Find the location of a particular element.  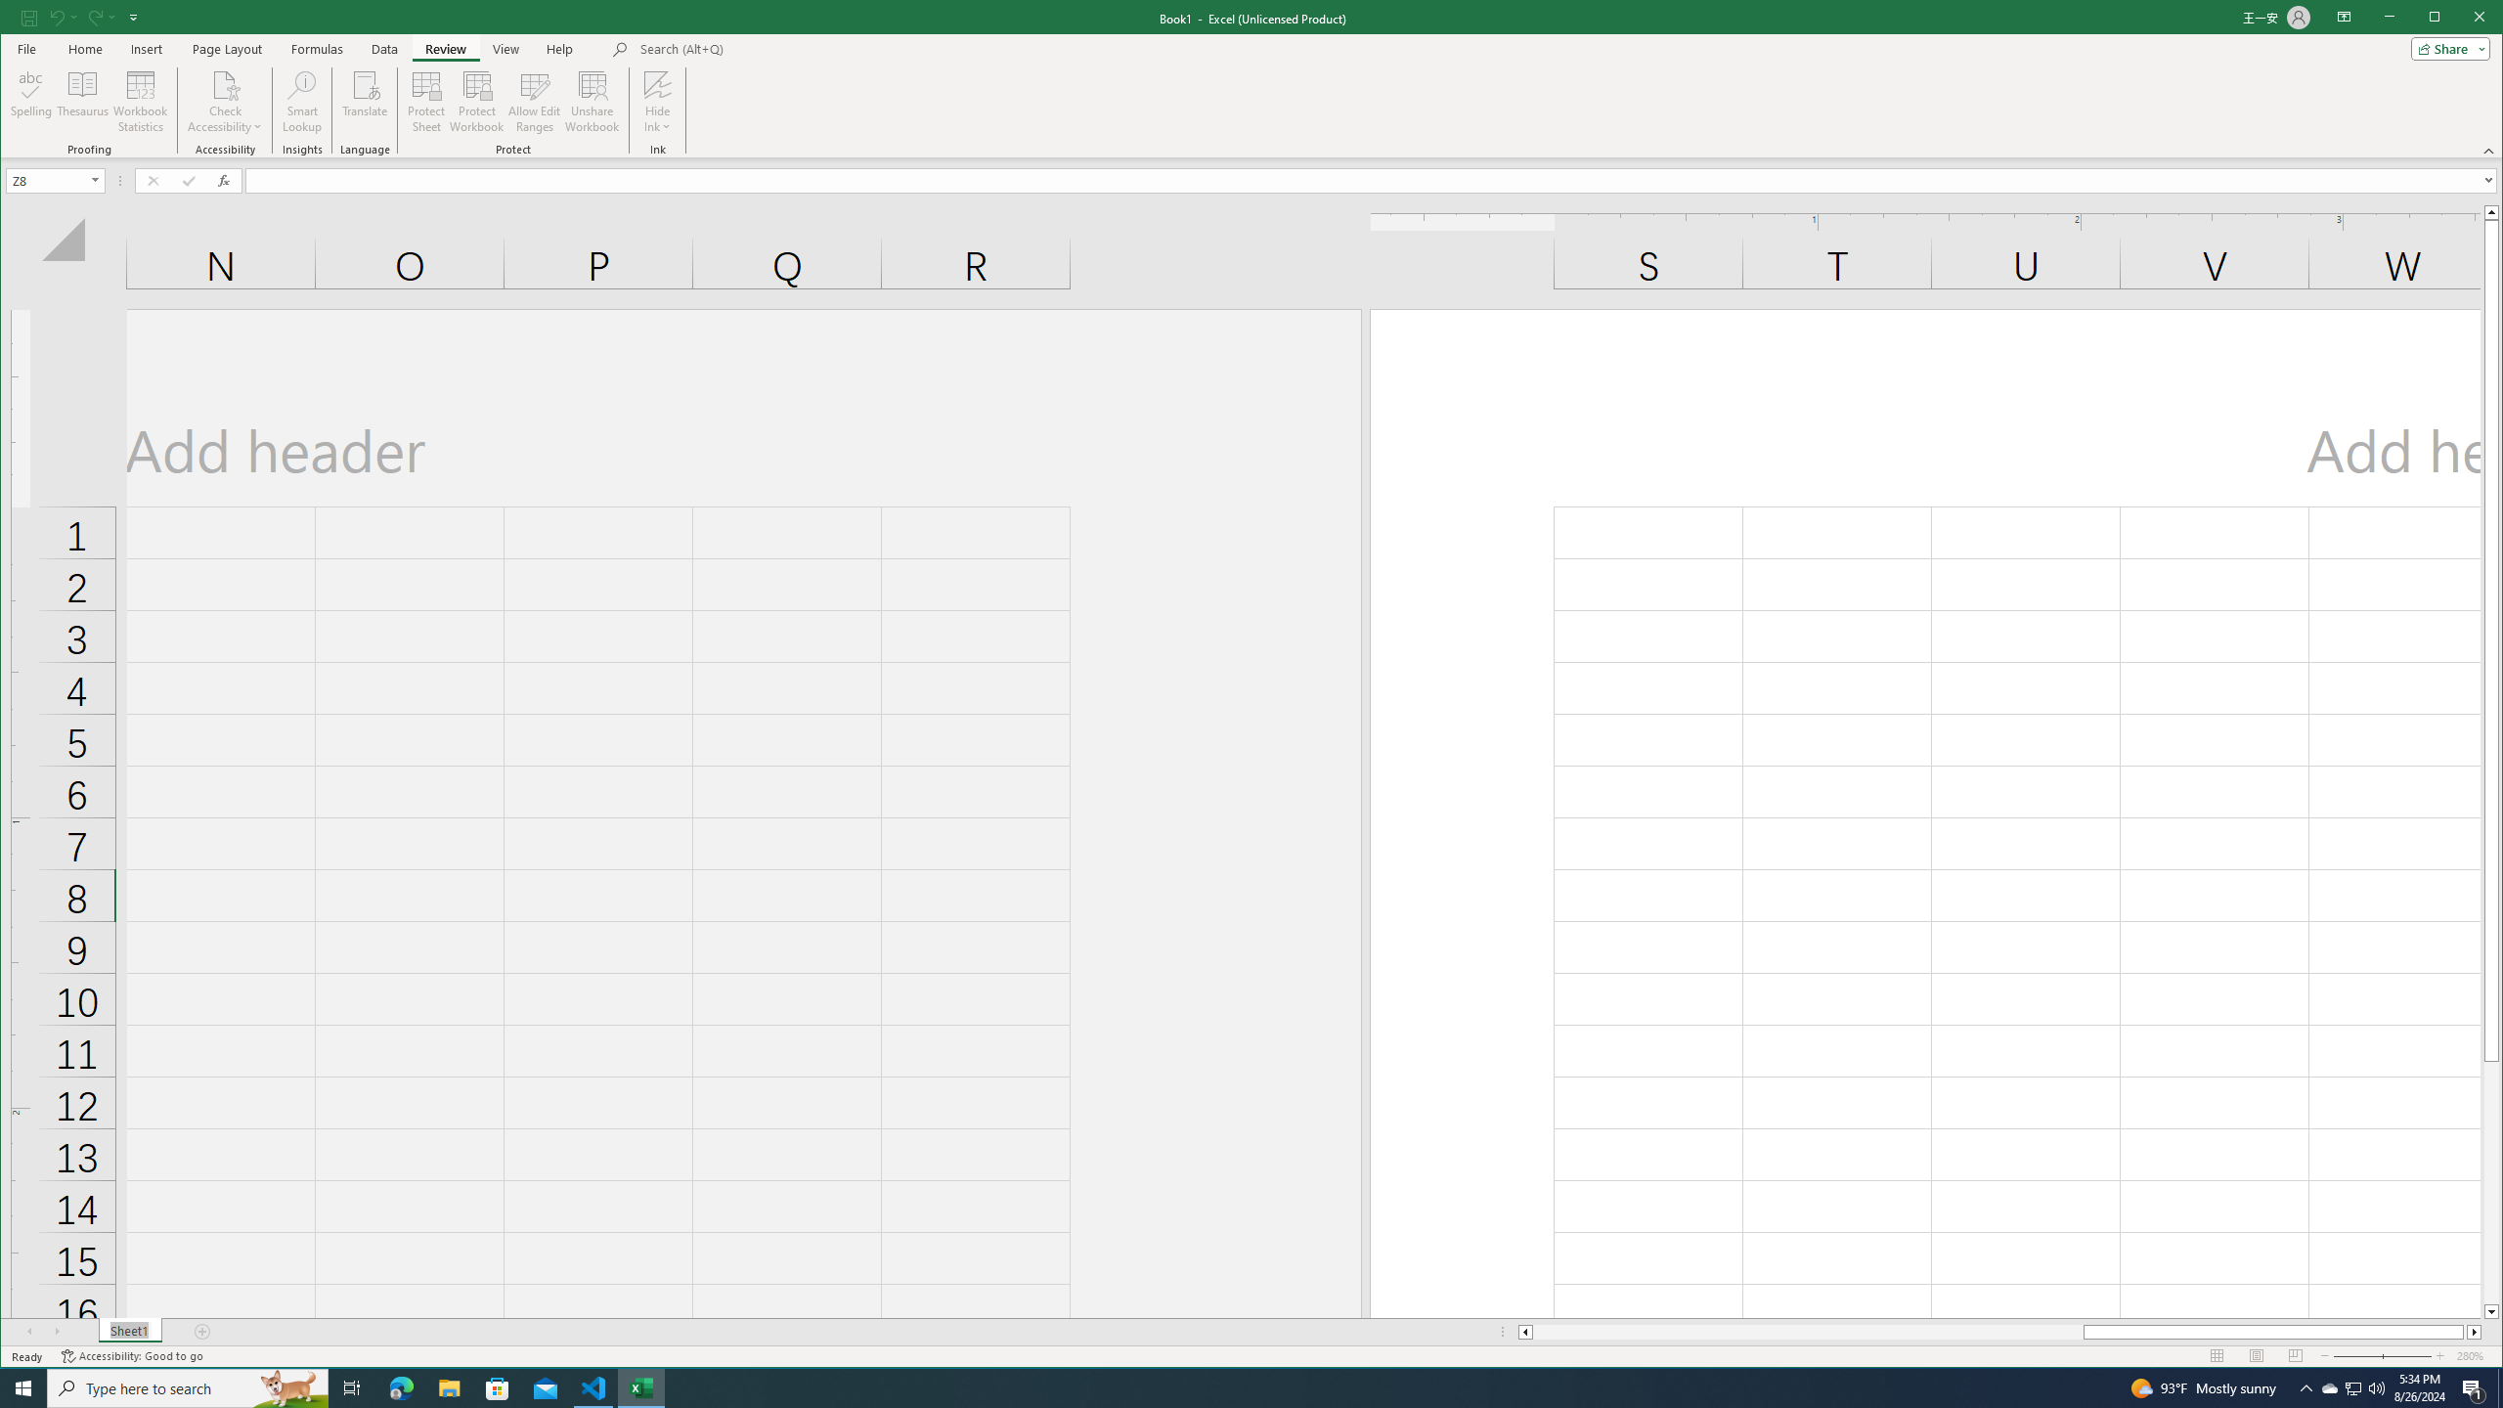

'Open' is located at coordinates (95, 180).